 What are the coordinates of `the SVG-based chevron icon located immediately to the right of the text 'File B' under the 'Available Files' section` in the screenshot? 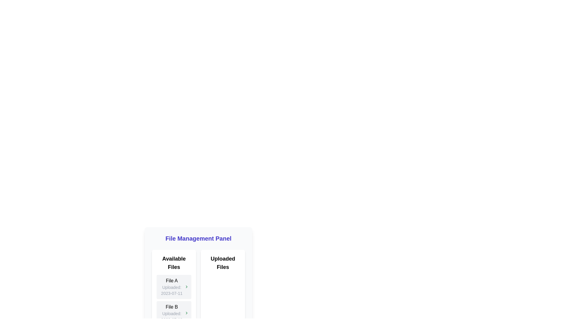 It's located at (186, 312).